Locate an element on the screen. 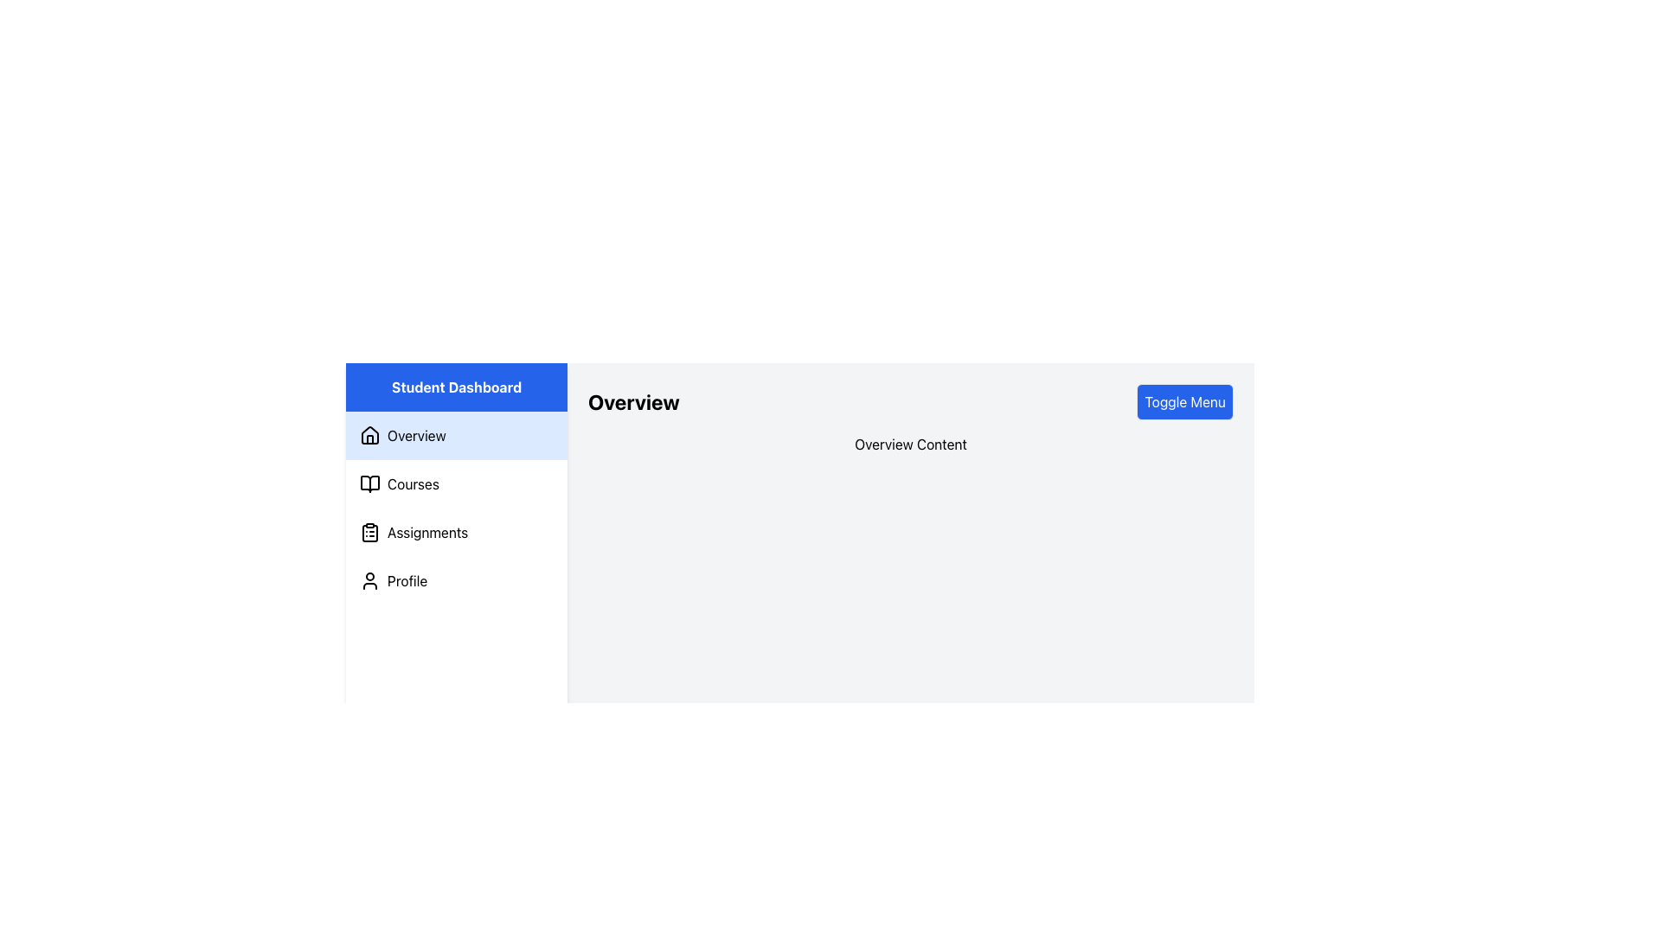 The image size is (1661, 934). the third menu item in the sidebar navigation is located at coordinates (457, 532).